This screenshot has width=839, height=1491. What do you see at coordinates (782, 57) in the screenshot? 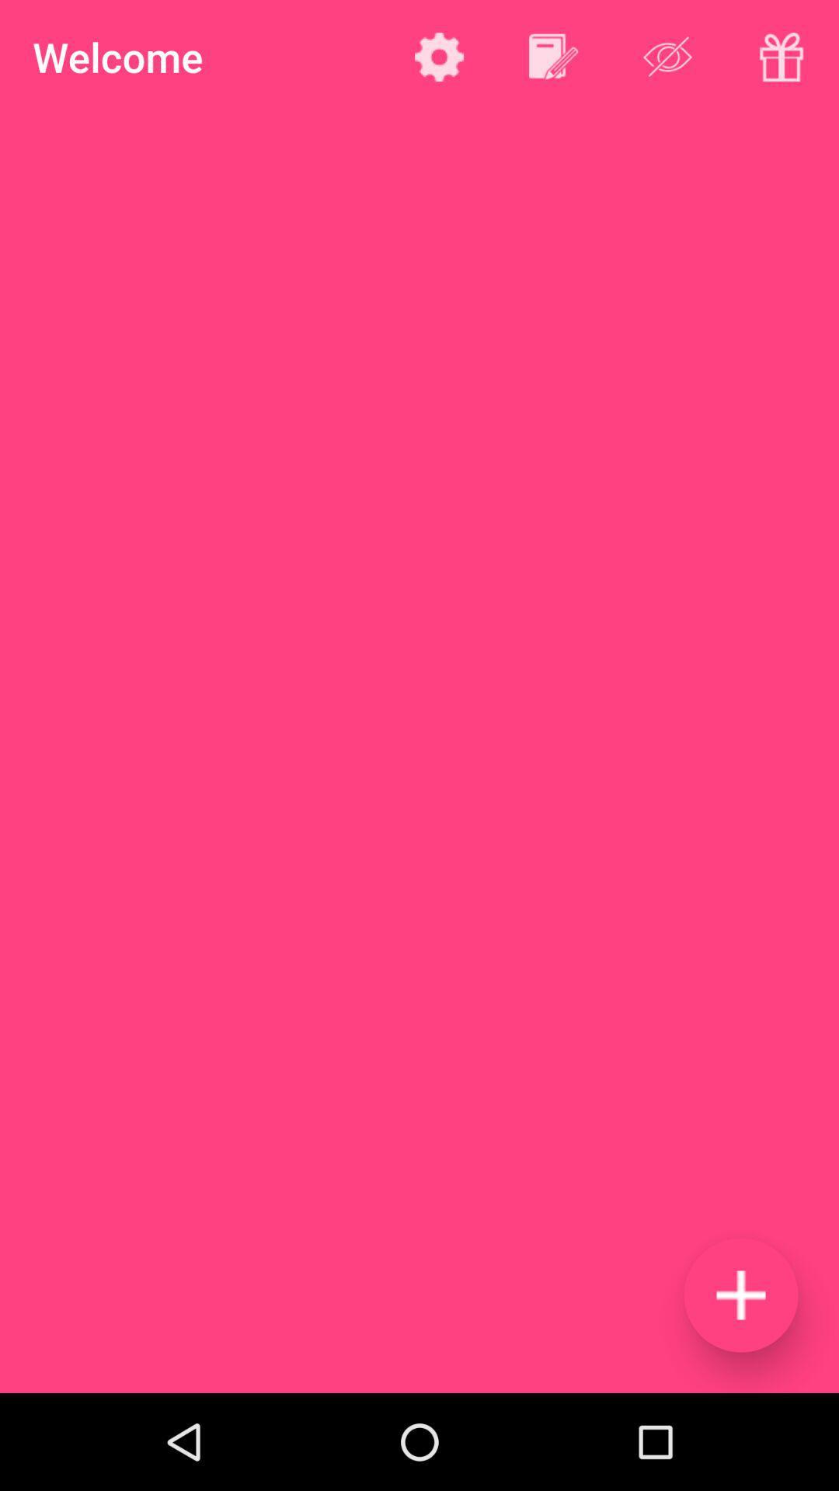
I see `gift icon` at bounding box center [782, 57].